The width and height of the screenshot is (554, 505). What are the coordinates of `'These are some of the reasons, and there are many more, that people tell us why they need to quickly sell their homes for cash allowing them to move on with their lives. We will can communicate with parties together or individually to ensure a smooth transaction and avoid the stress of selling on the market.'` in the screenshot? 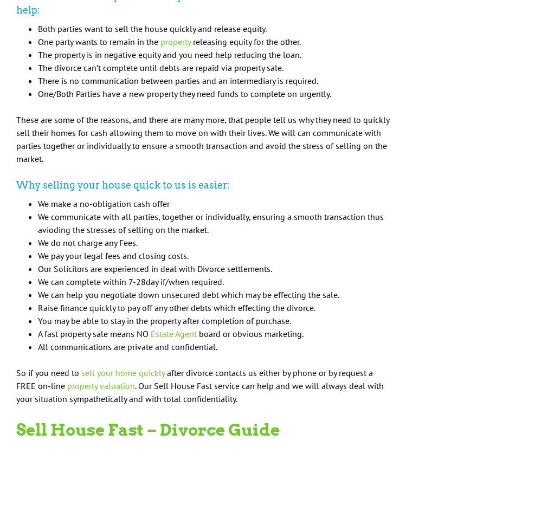 It's located at (202, 138).